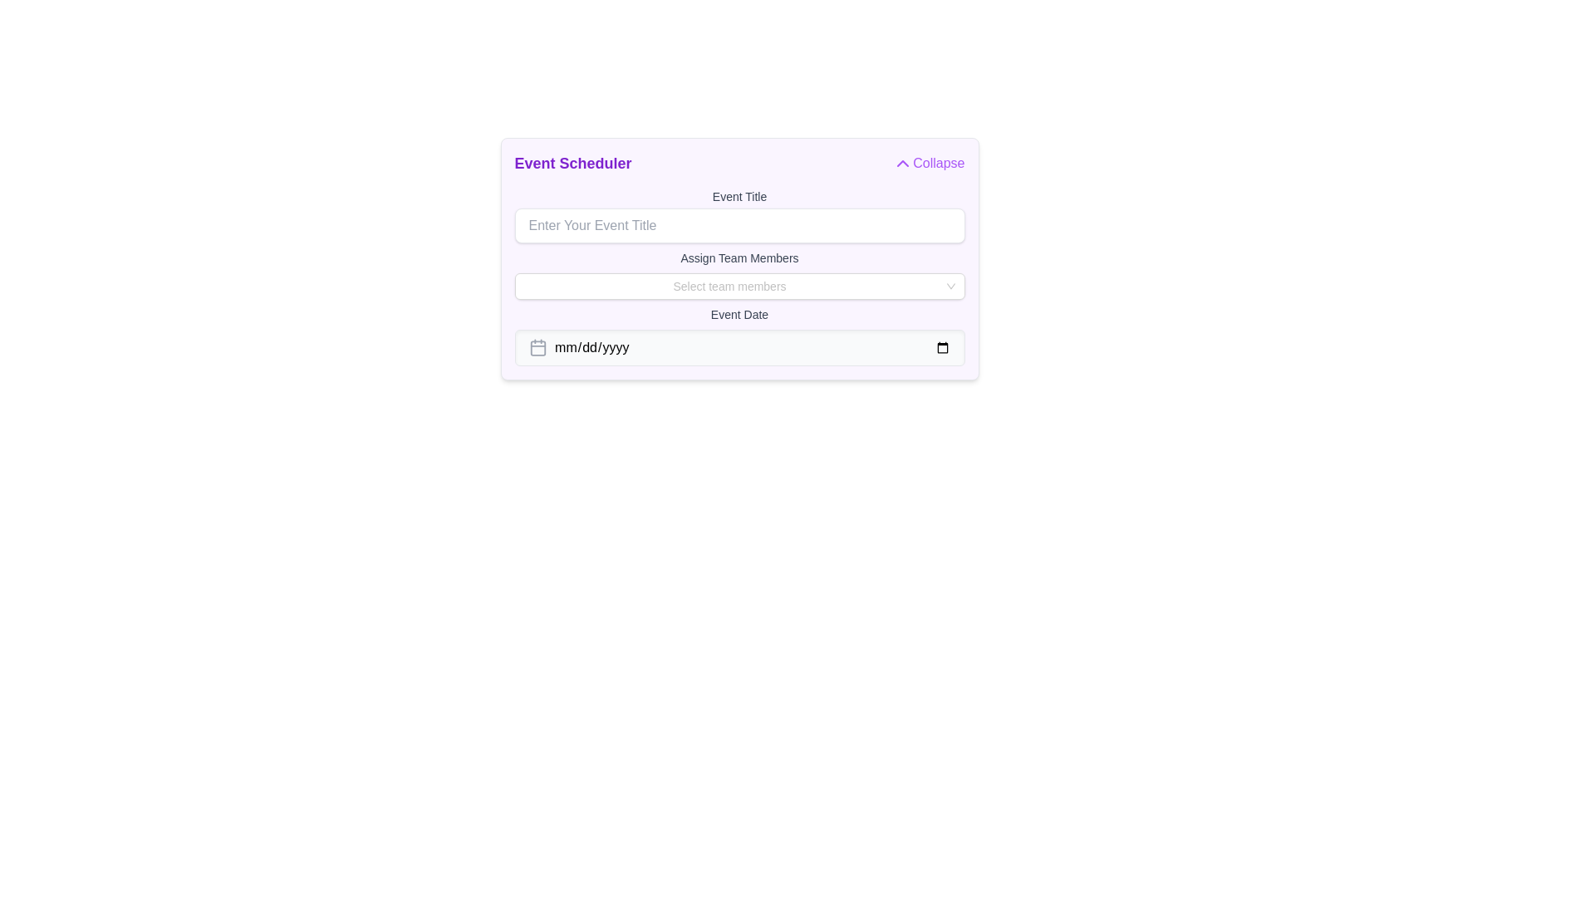 Image resolution: width=1595 pixels, height=897 pixels. Describe the element at coordinates (739, 274) in the screenshot. I see `the dropdown labeled 'Assign Team Members'` at that location.